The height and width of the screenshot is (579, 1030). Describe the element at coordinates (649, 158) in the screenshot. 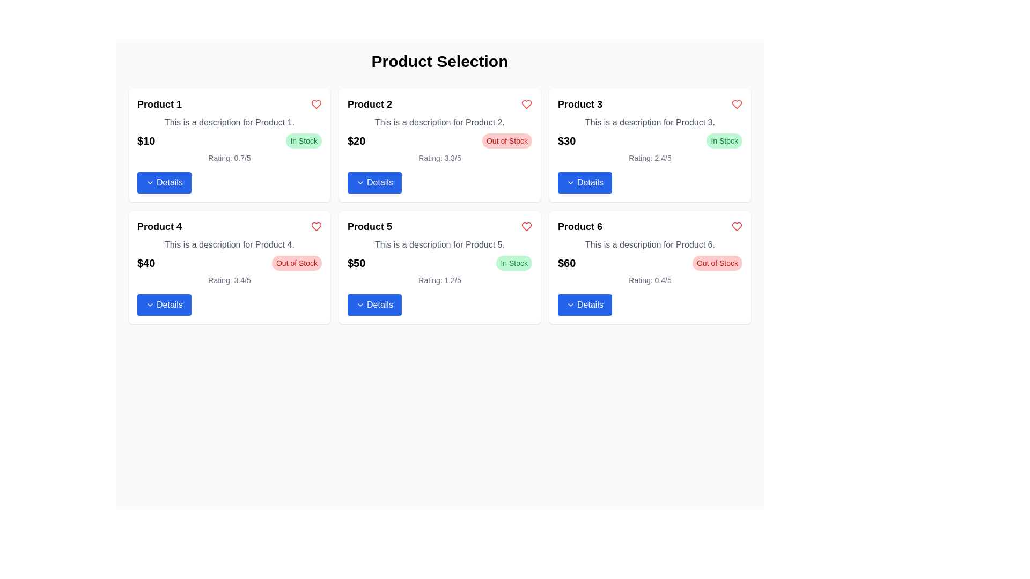

I see `text label displaying 'Rating: 2.4/5' located within the card for Product 3, positioned below the price '$30' and above the 'Details' button` at that location.